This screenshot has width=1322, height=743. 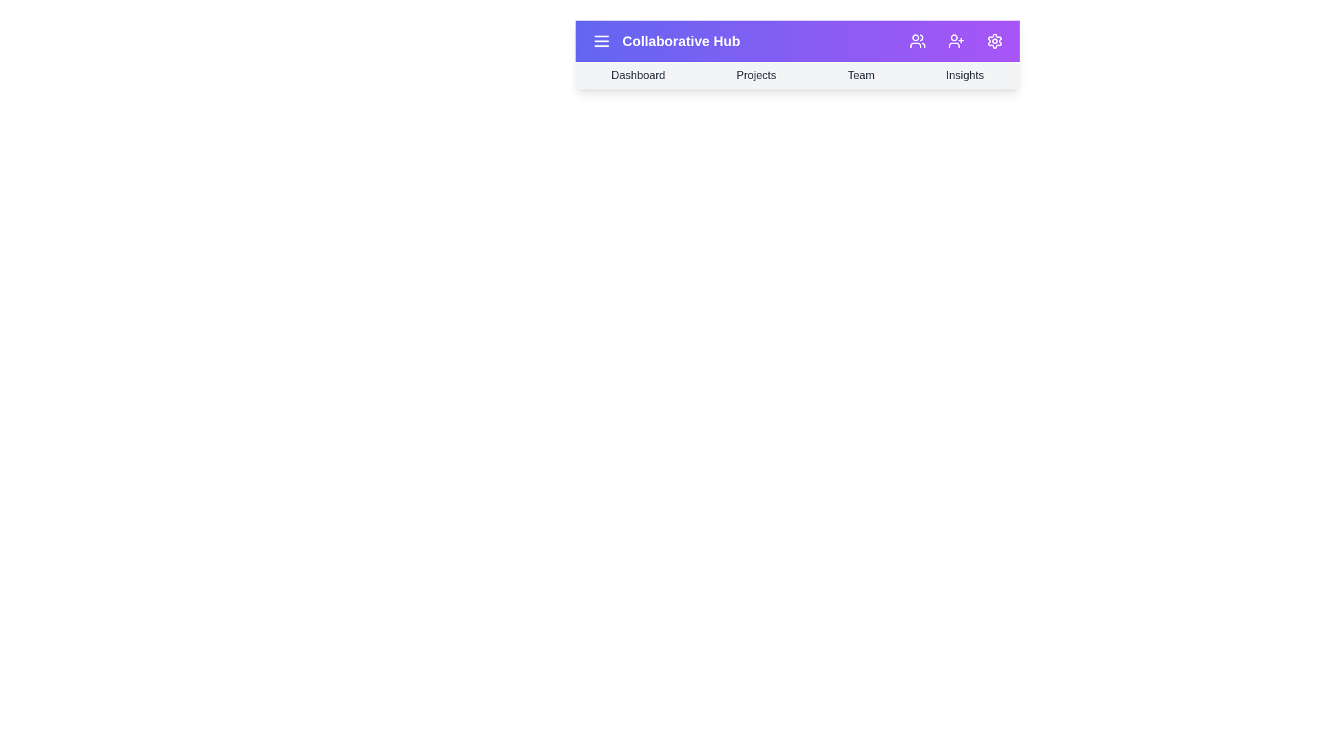 I want to click on the navigation bar section corresponding to Team, so click(x=860, y=76).